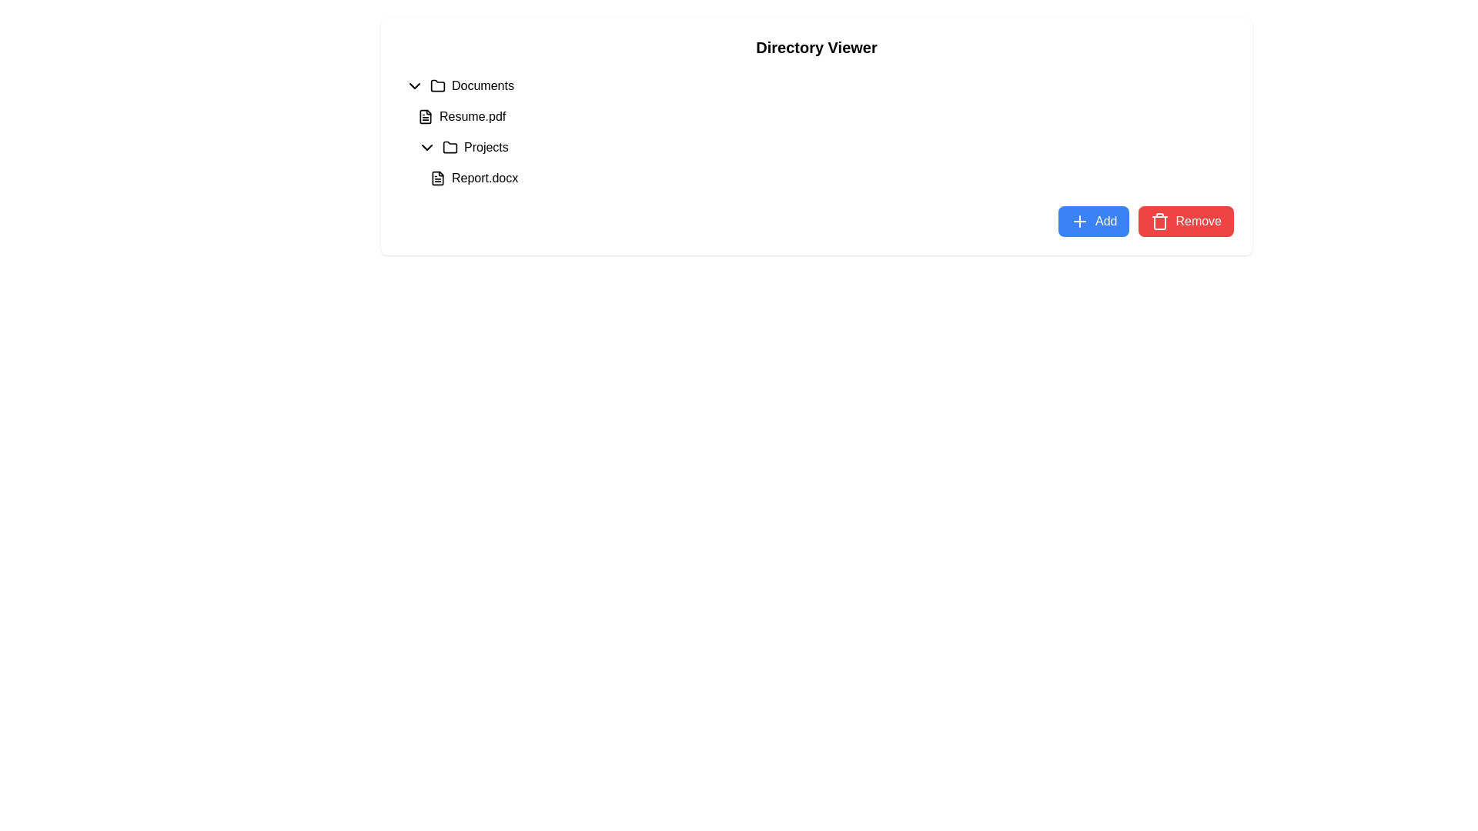 The height and width of the screenshot is (831, 1478). Describe the element at coordinates (414, 85) in the screenshot. I see `the downward-facing chevron icon located to the left of the 'Documents' folder label` at that location.